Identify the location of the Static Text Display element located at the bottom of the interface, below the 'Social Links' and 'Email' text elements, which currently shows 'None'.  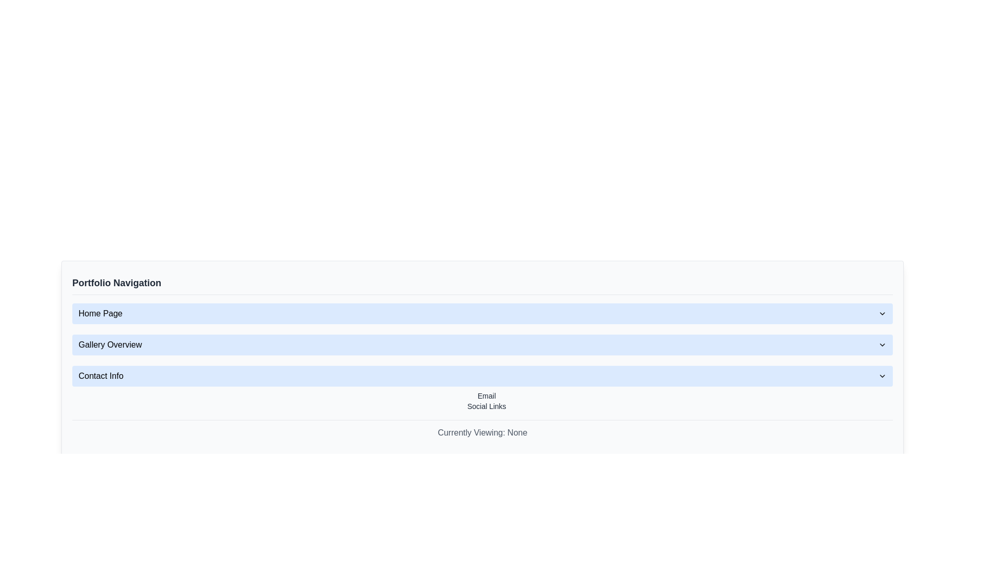
(482, 433).